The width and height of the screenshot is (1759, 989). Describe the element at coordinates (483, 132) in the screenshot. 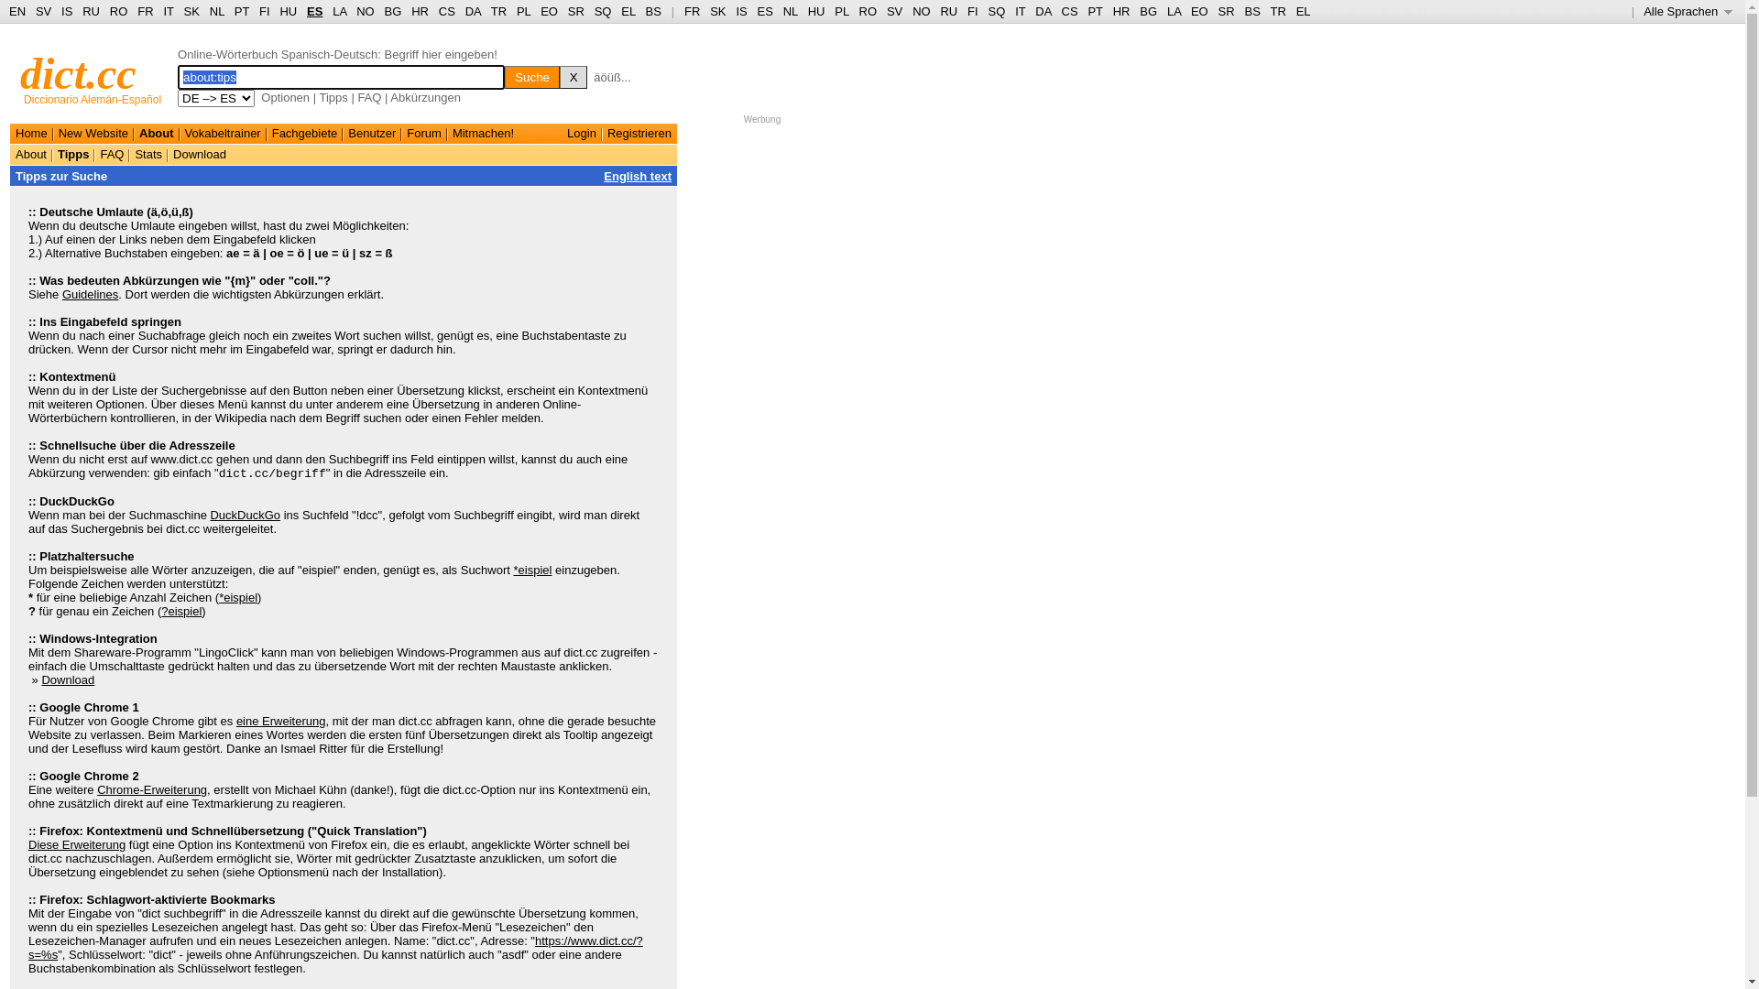

I see `'Mitmachen!'` at that location.